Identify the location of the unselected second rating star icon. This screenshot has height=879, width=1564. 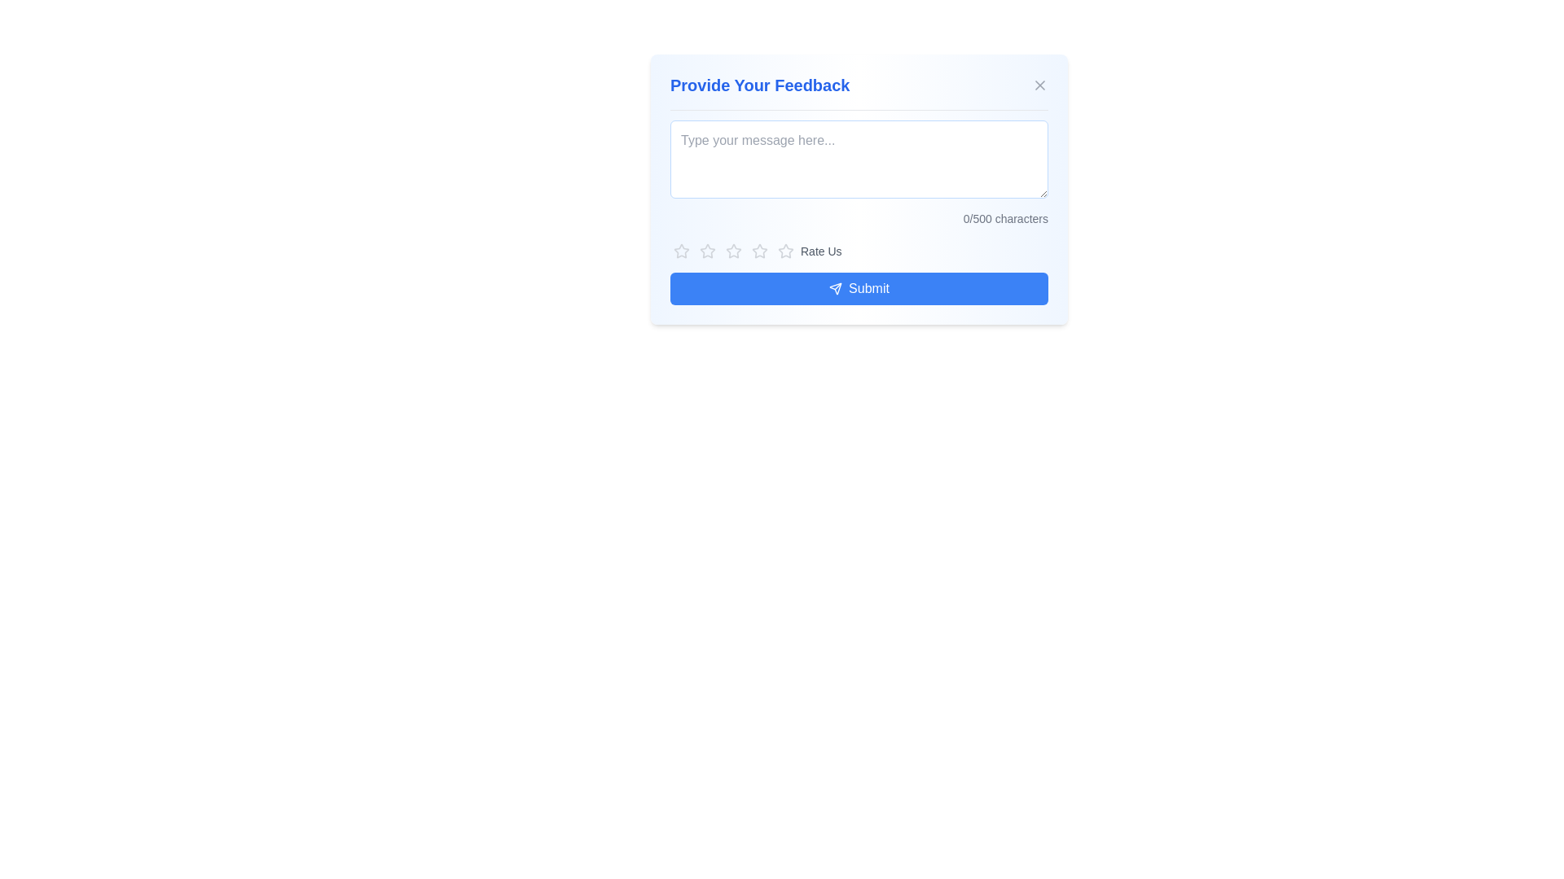
(733, 251).